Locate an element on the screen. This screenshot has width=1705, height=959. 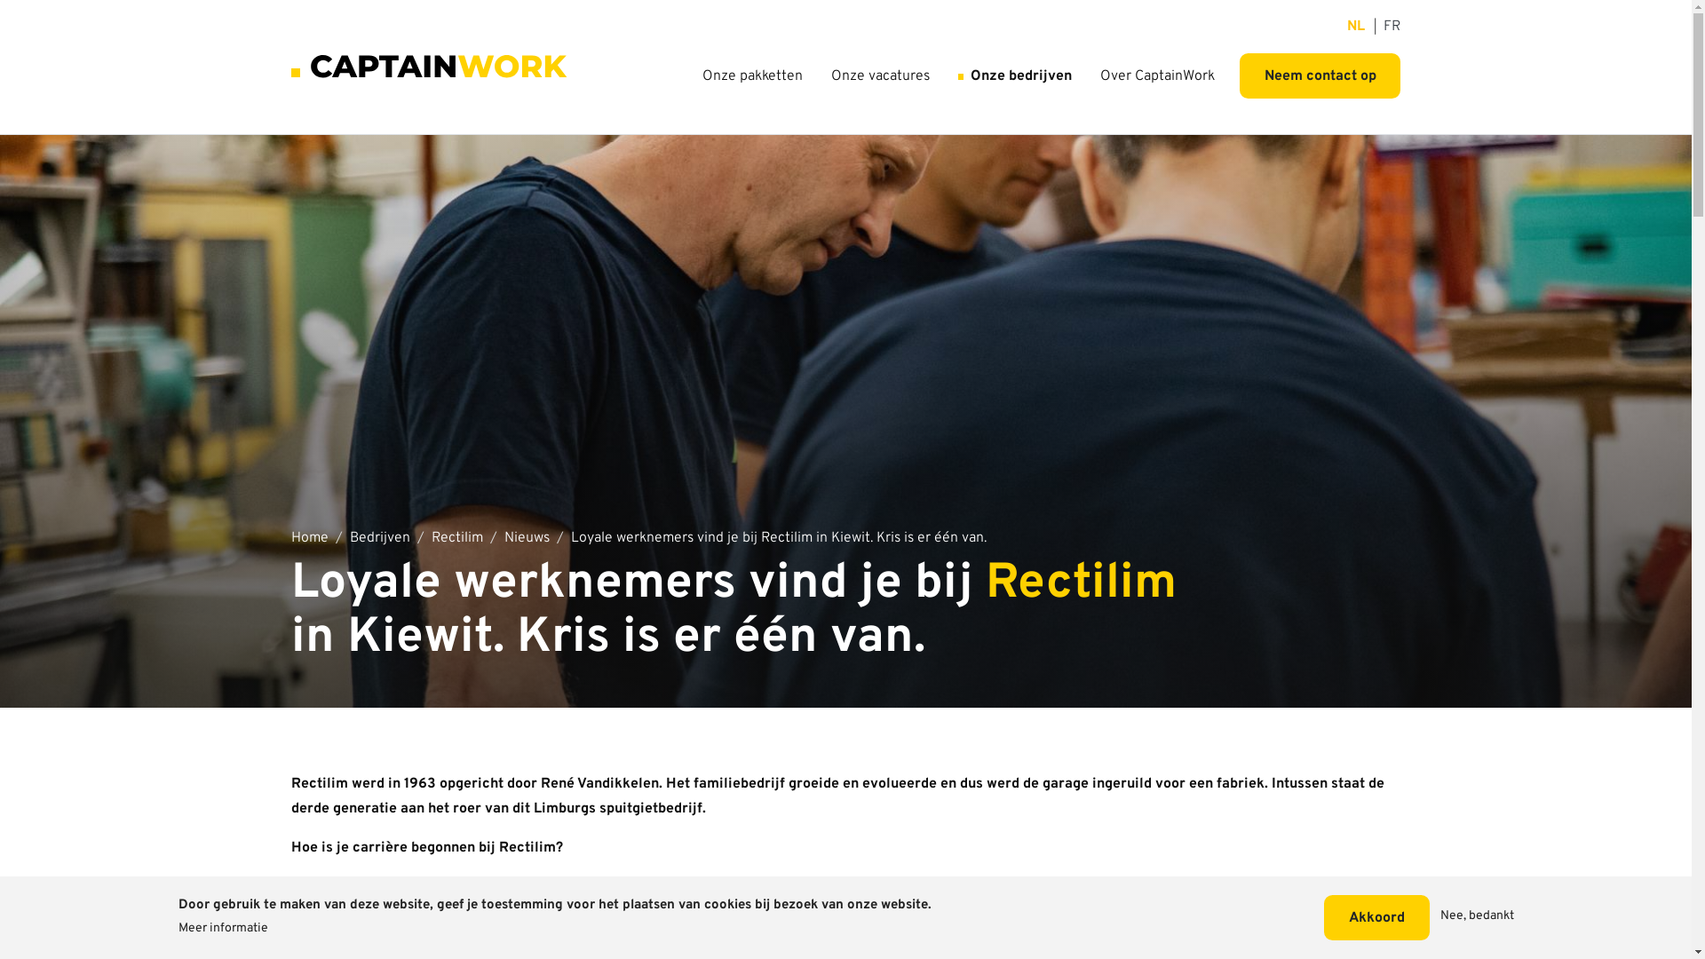
'Nee, bedankt' is located at coordinates (1477, 917).